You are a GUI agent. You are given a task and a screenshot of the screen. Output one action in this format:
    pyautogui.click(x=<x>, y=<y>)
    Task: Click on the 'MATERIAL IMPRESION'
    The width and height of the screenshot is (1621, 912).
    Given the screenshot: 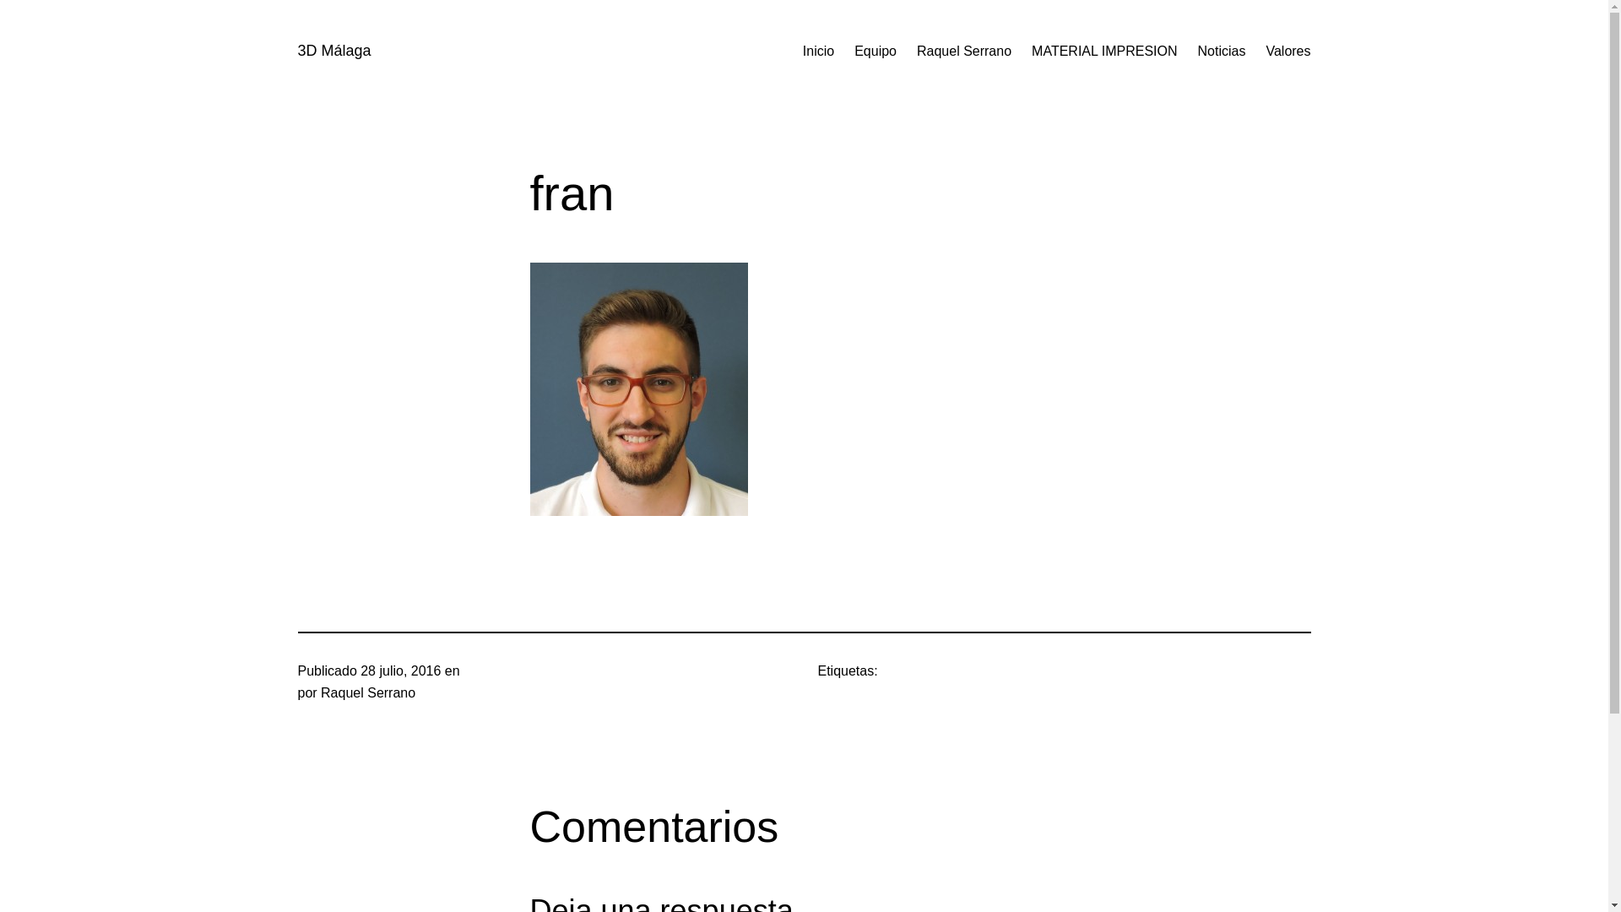 What is the action you would take?
    pyautogui.click(x=1104, y=51)
    